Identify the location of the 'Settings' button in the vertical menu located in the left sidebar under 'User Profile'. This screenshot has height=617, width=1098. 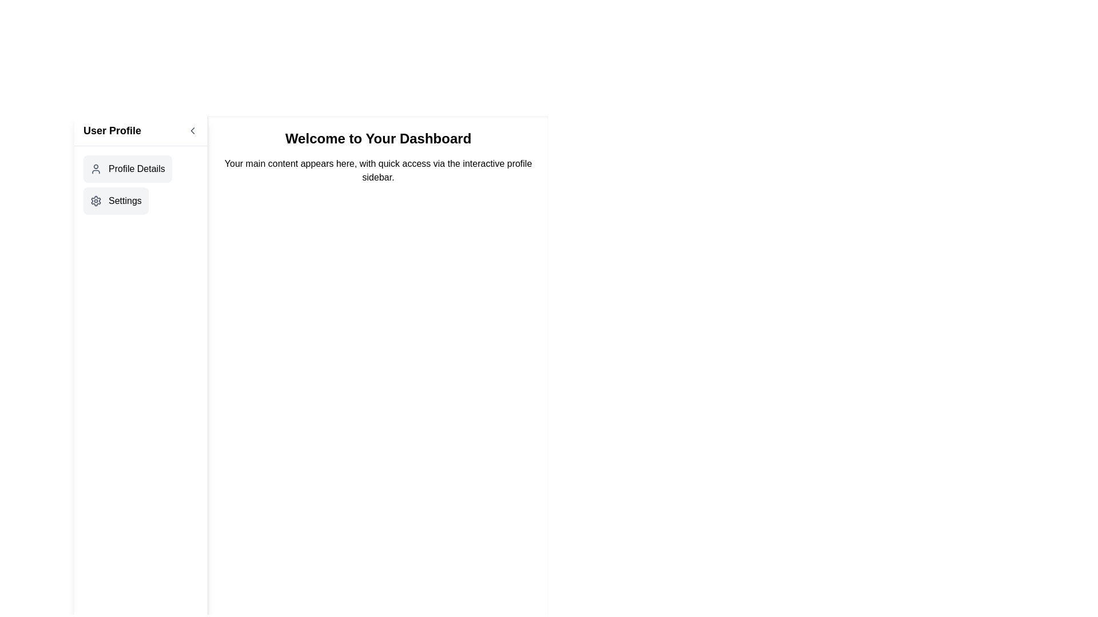
(140, 185).